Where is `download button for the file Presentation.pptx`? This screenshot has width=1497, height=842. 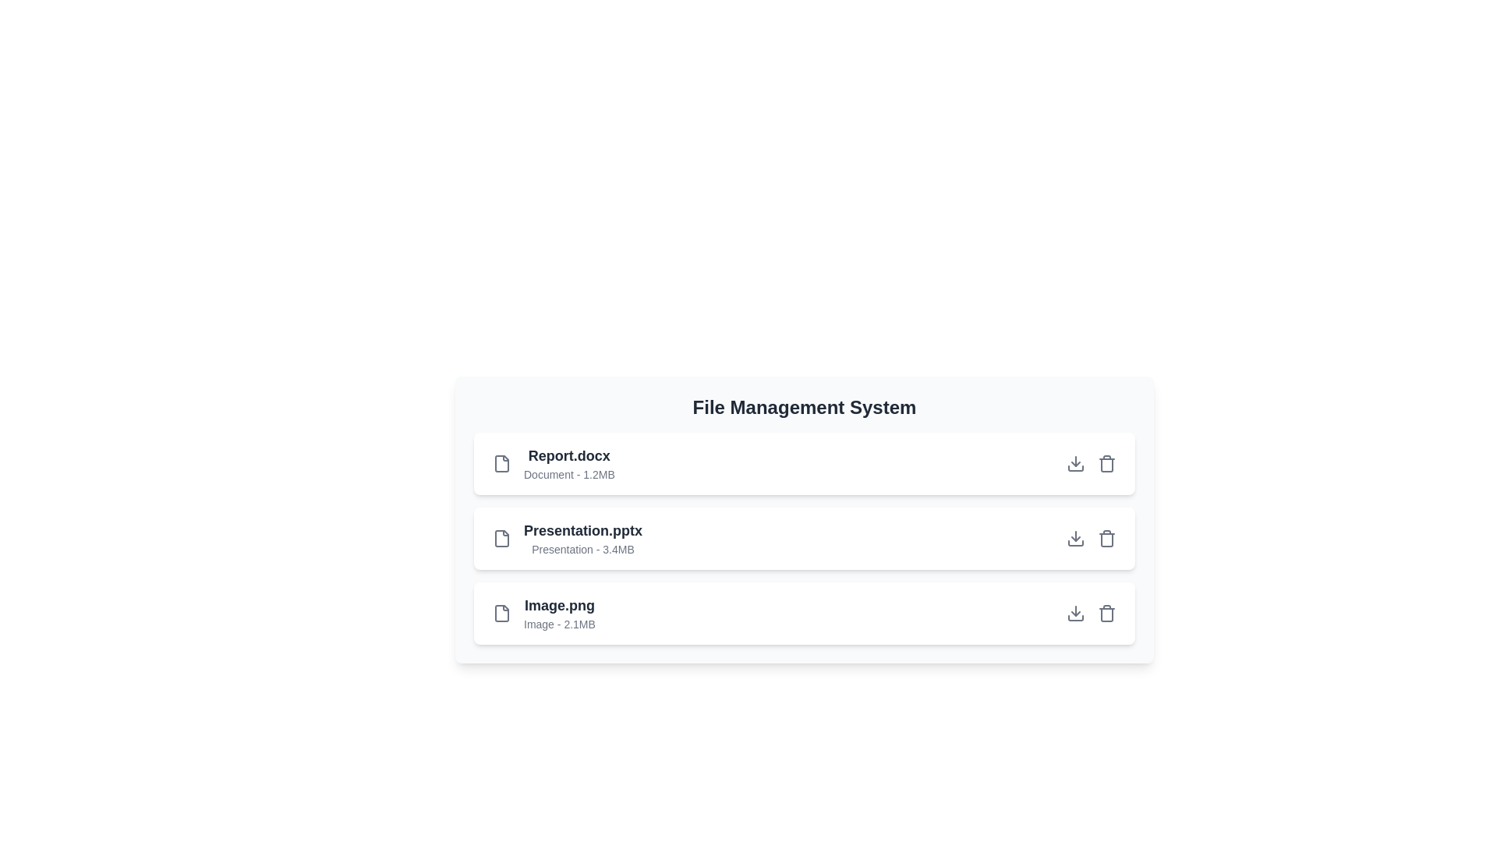
download button for the file Presentation.pptx is located at coordinates (1075, 537).